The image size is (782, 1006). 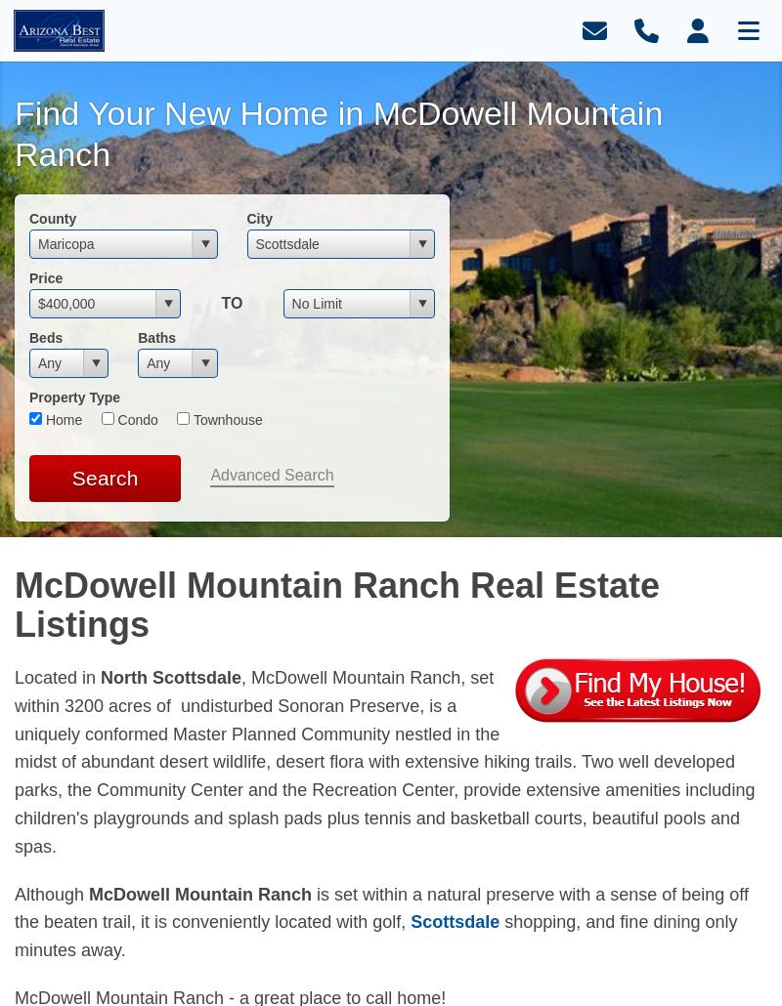 What do you see at coordinates (111, 419) in the screenshot?
I see `'Condo'` at bounding box center [111, 419].